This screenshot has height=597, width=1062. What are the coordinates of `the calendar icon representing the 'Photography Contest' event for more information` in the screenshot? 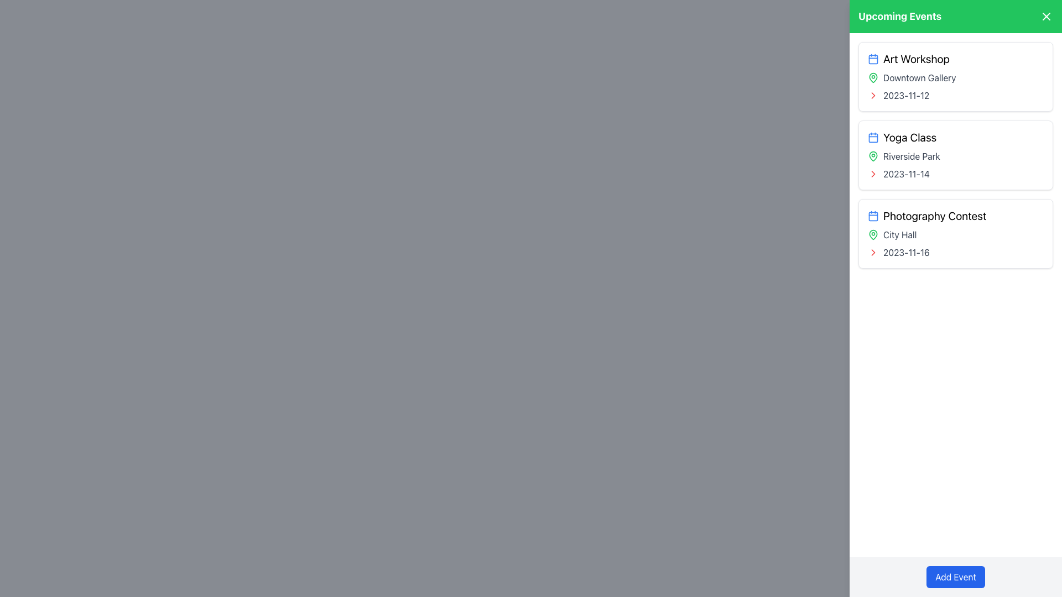 It's located at (873, 216).